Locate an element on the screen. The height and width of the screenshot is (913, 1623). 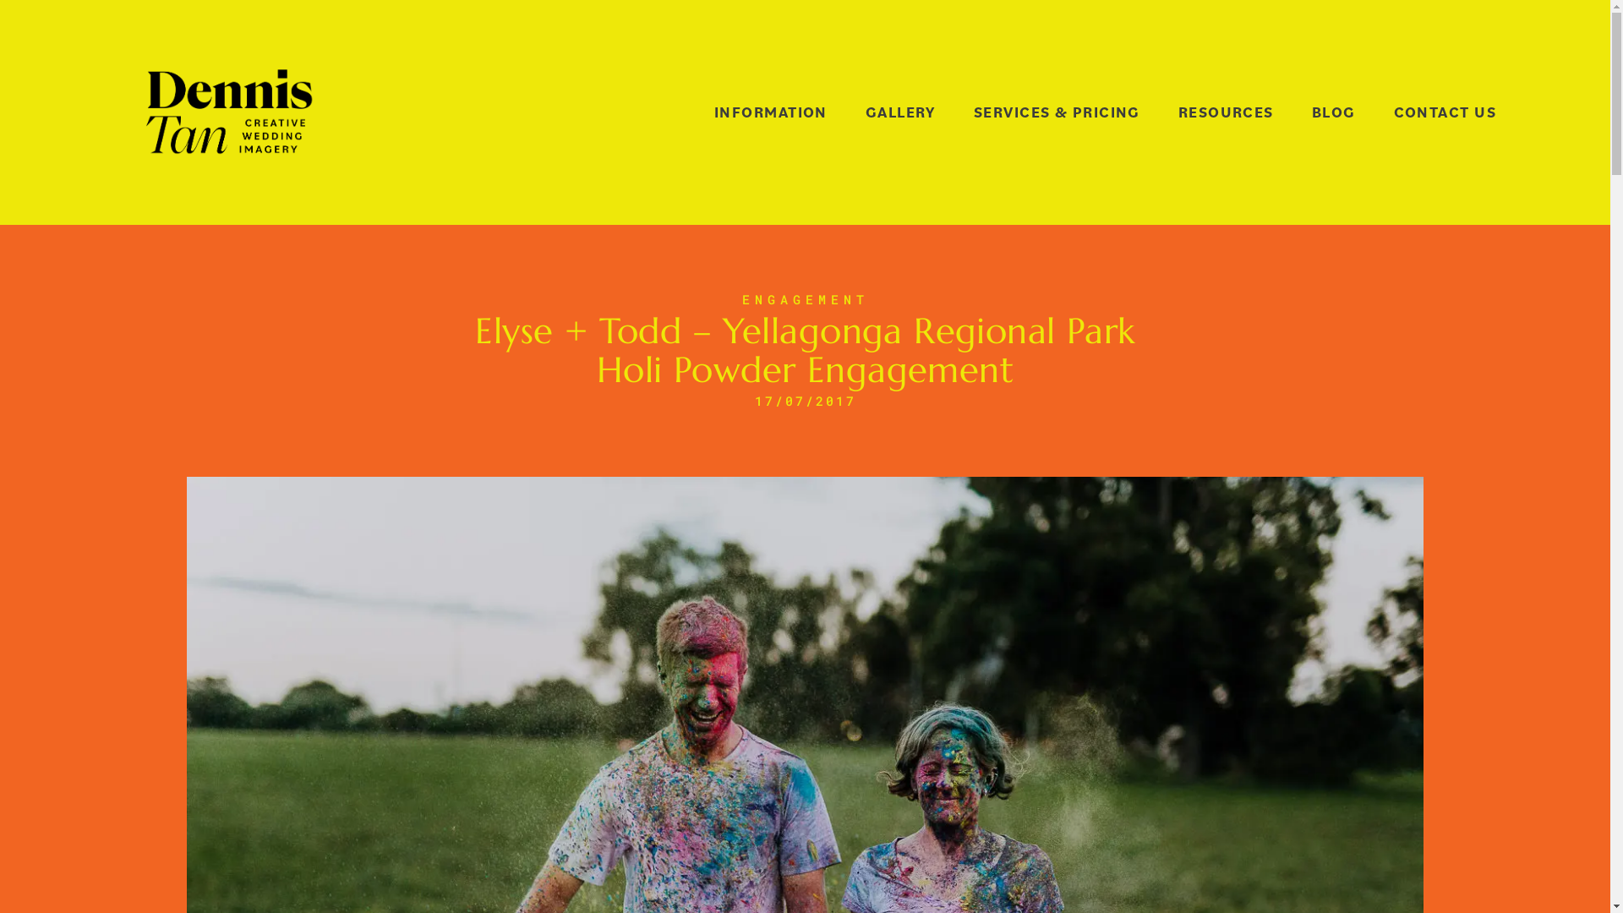
'BLOG' is located at coordinates (1333, 112).